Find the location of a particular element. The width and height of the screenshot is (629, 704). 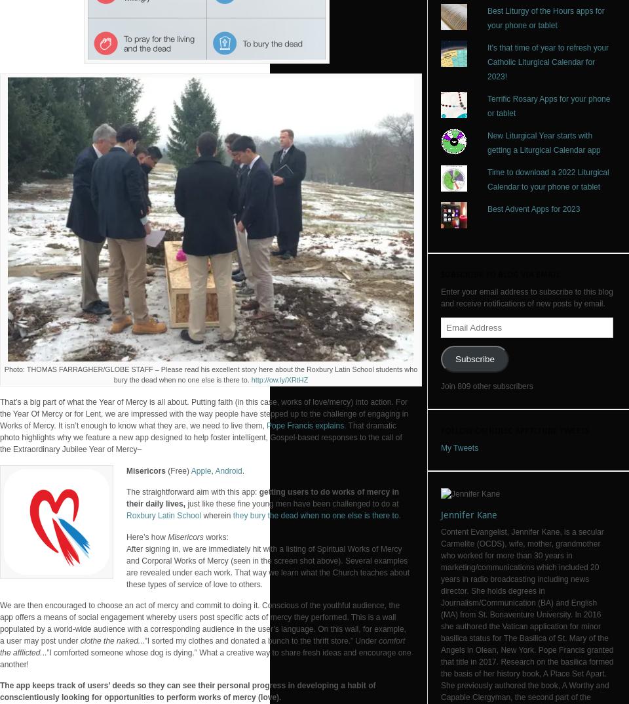

'Follow Catholic Apptitude Tweets' is located at coordinates (514, 430).